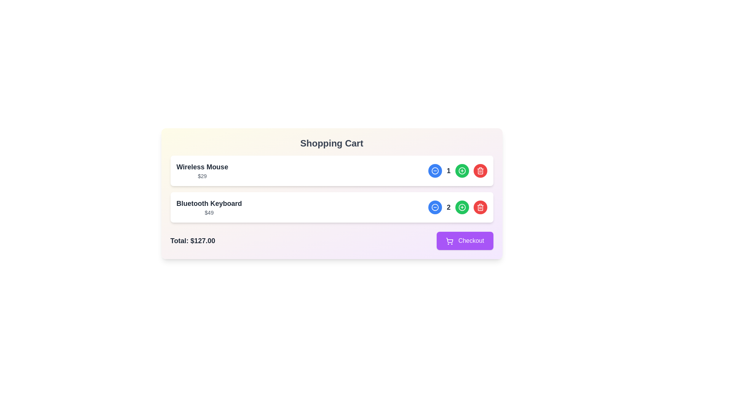 The width and height of the screenshot is (731, 411). Describe the element at coordinates (461, 170) in the screenshot. I see `the increment button associated with the 'Wireless Mouse' item in the shopping cart to increase the quantity by one` at that location.